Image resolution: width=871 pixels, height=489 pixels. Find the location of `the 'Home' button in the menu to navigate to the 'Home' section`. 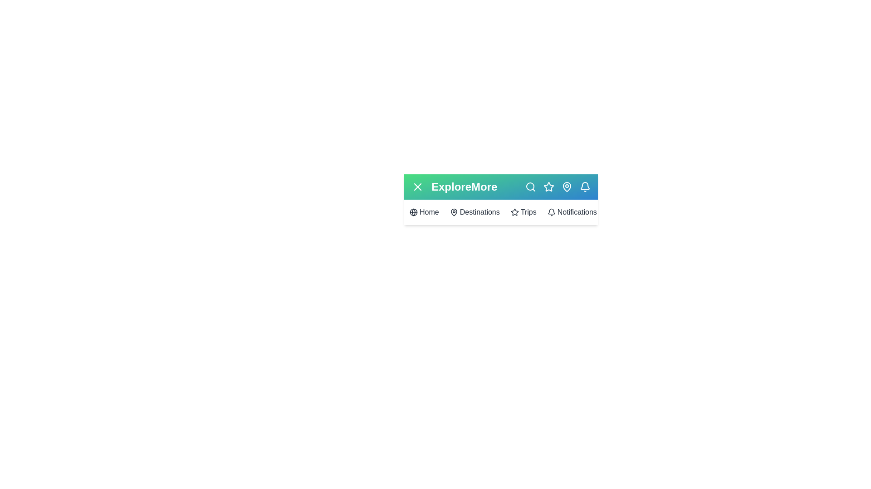

the 'Home' button in the menu to navigate to the 'Home' section is located at coordinates (424, 212).